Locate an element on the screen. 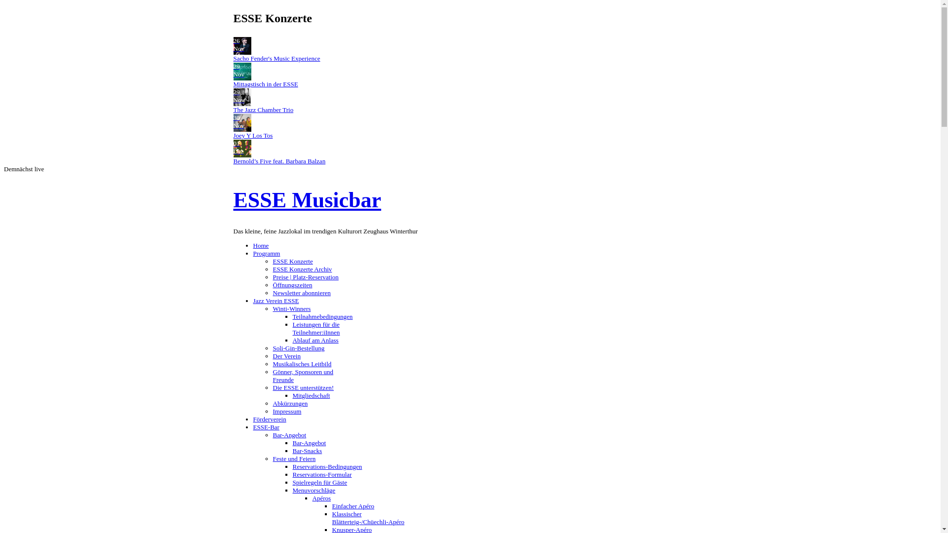  'Musikalisches Leitbild' is located at coordinates (301, 364).